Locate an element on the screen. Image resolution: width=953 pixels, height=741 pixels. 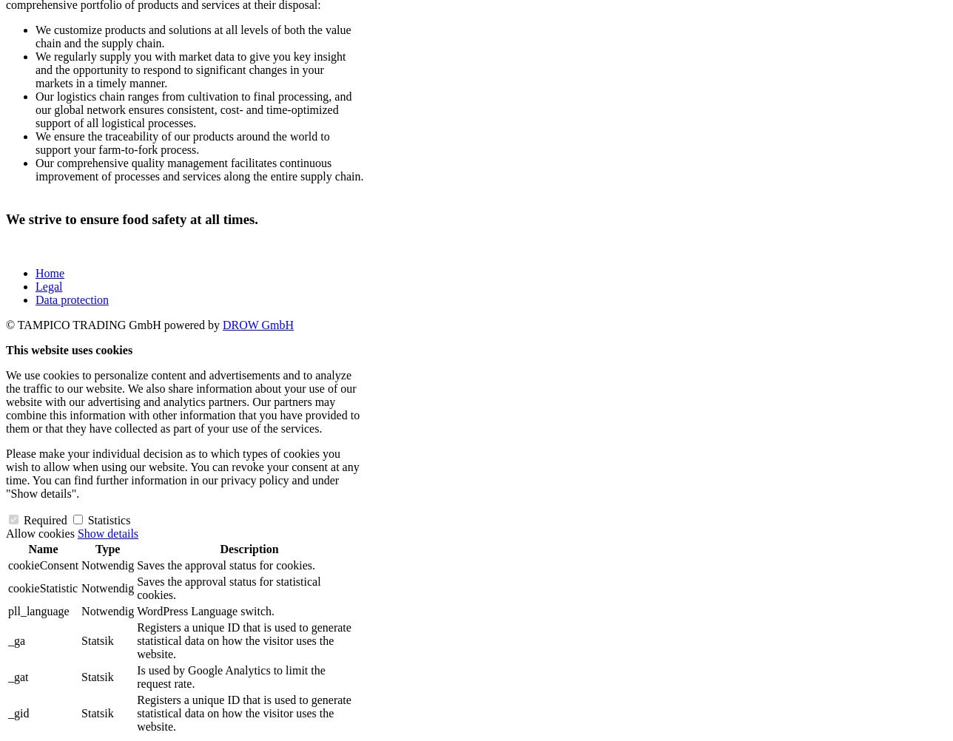
'Show details' is located at coordinates (107, 533).